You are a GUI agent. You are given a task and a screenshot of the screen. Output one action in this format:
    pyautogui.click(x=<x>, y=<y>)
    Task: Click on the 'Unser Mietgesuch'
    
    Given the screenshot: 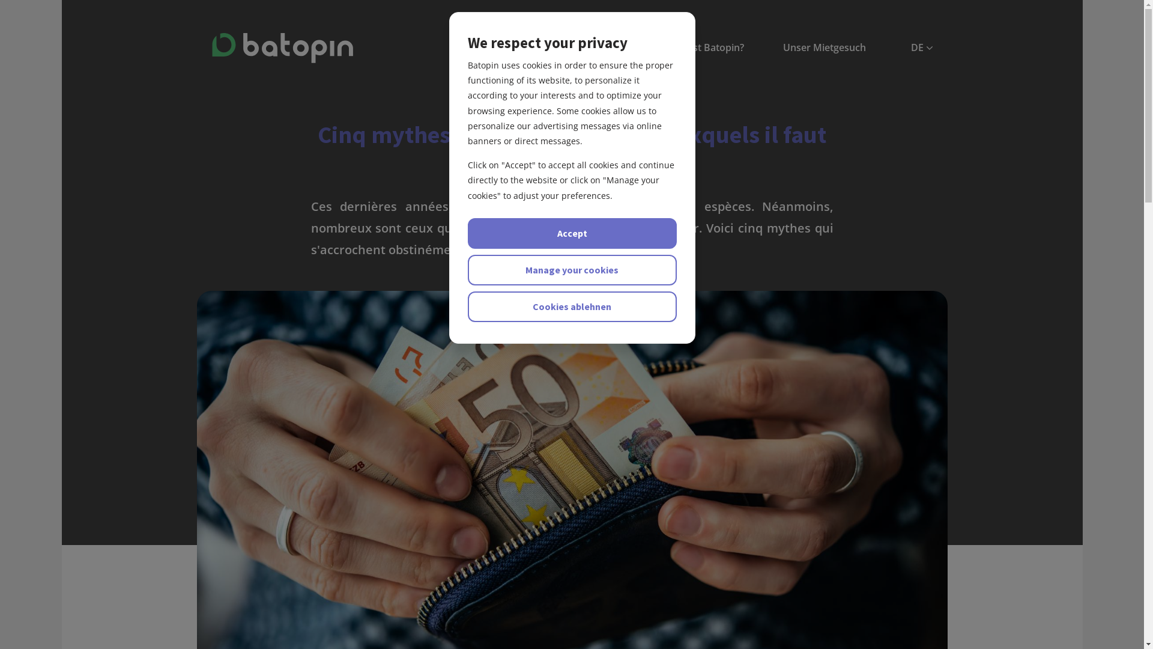 What is the action you would take?
    pyautogui.click(x=823, y=47)
    